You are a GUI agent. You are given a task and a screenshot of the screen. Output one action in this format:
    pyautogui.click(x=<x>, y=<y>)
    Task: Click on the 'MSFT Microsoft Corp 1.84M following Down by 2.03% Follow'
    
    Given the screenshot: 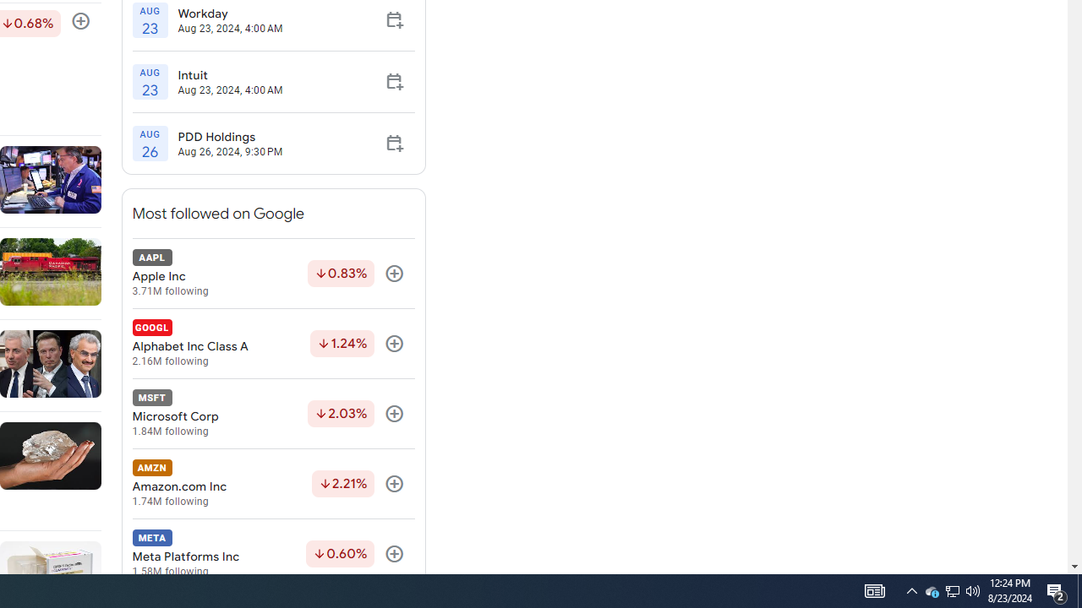 What is the action you would take?
    pyautogui.click(x=273, y=414)
    